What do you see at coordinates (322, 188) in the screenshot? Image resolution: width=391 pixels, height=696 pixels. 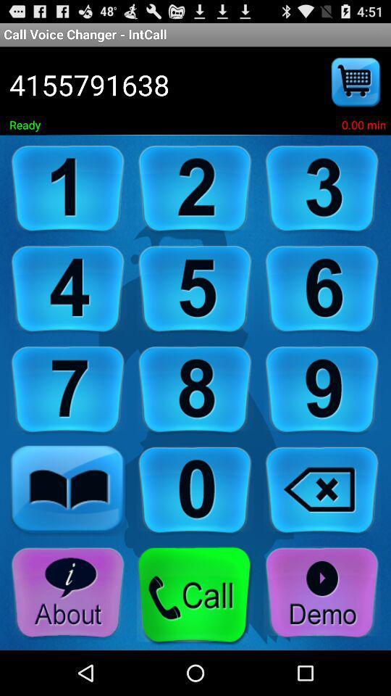 I see `input number` at bounding box center [322, 188].